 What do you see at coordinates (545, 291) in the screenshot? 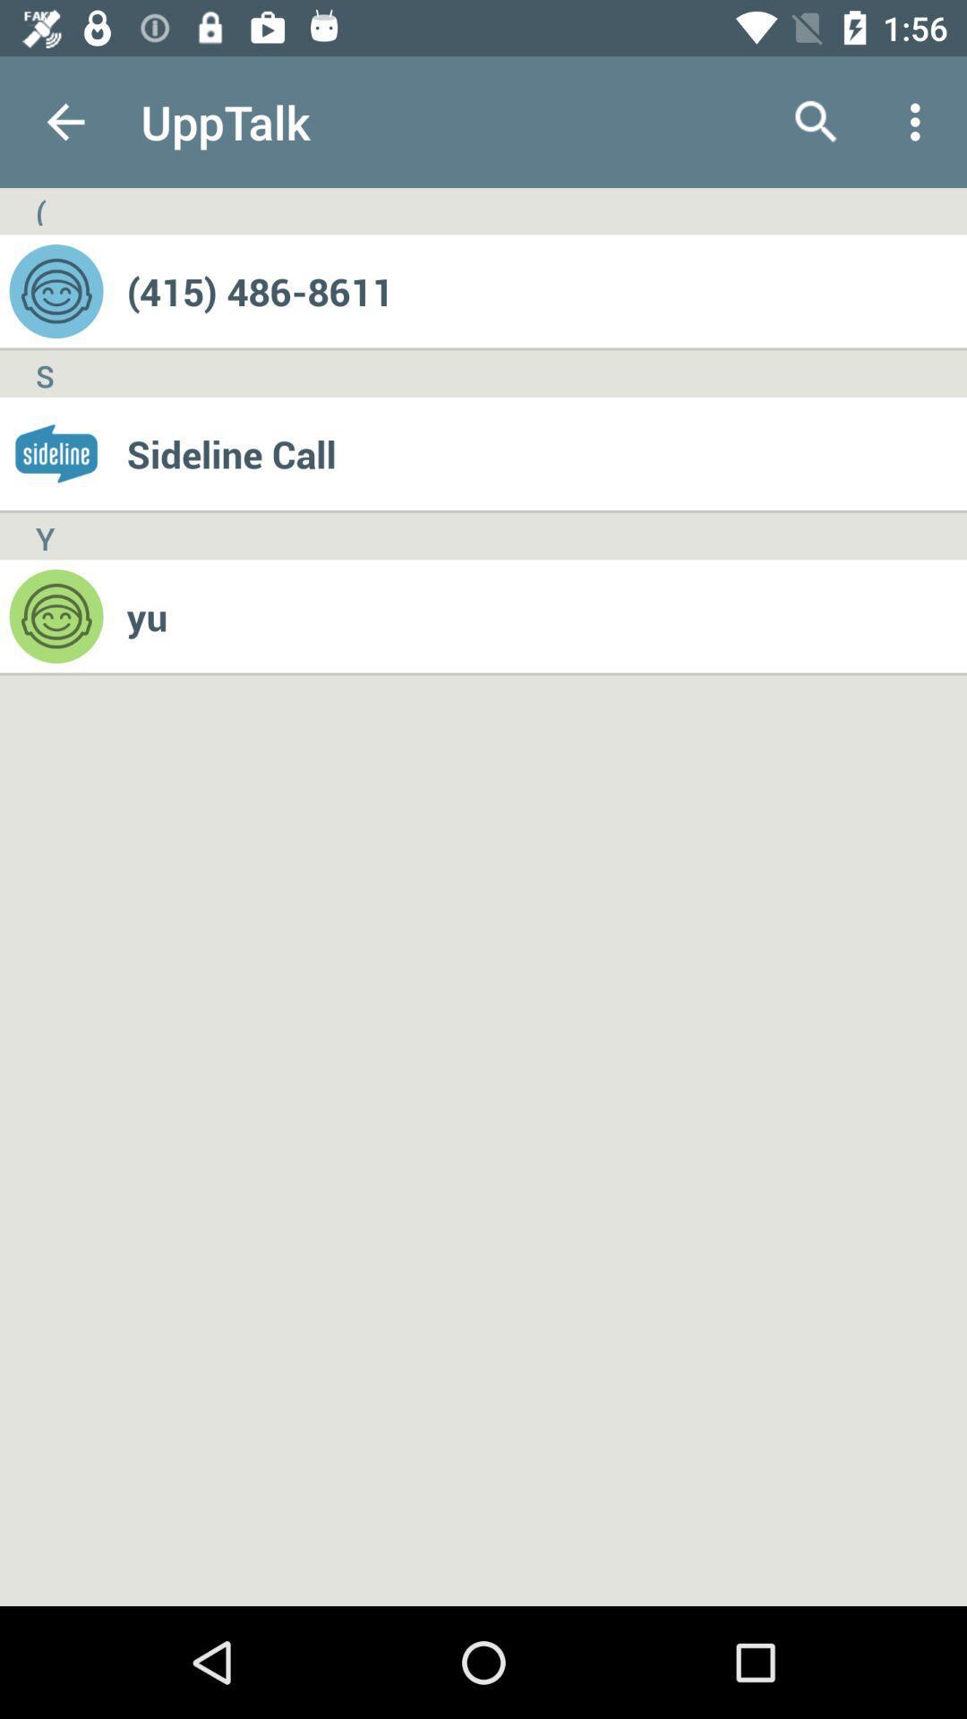
I see `the icon above sideline call item` at bounding box center [545, 291].